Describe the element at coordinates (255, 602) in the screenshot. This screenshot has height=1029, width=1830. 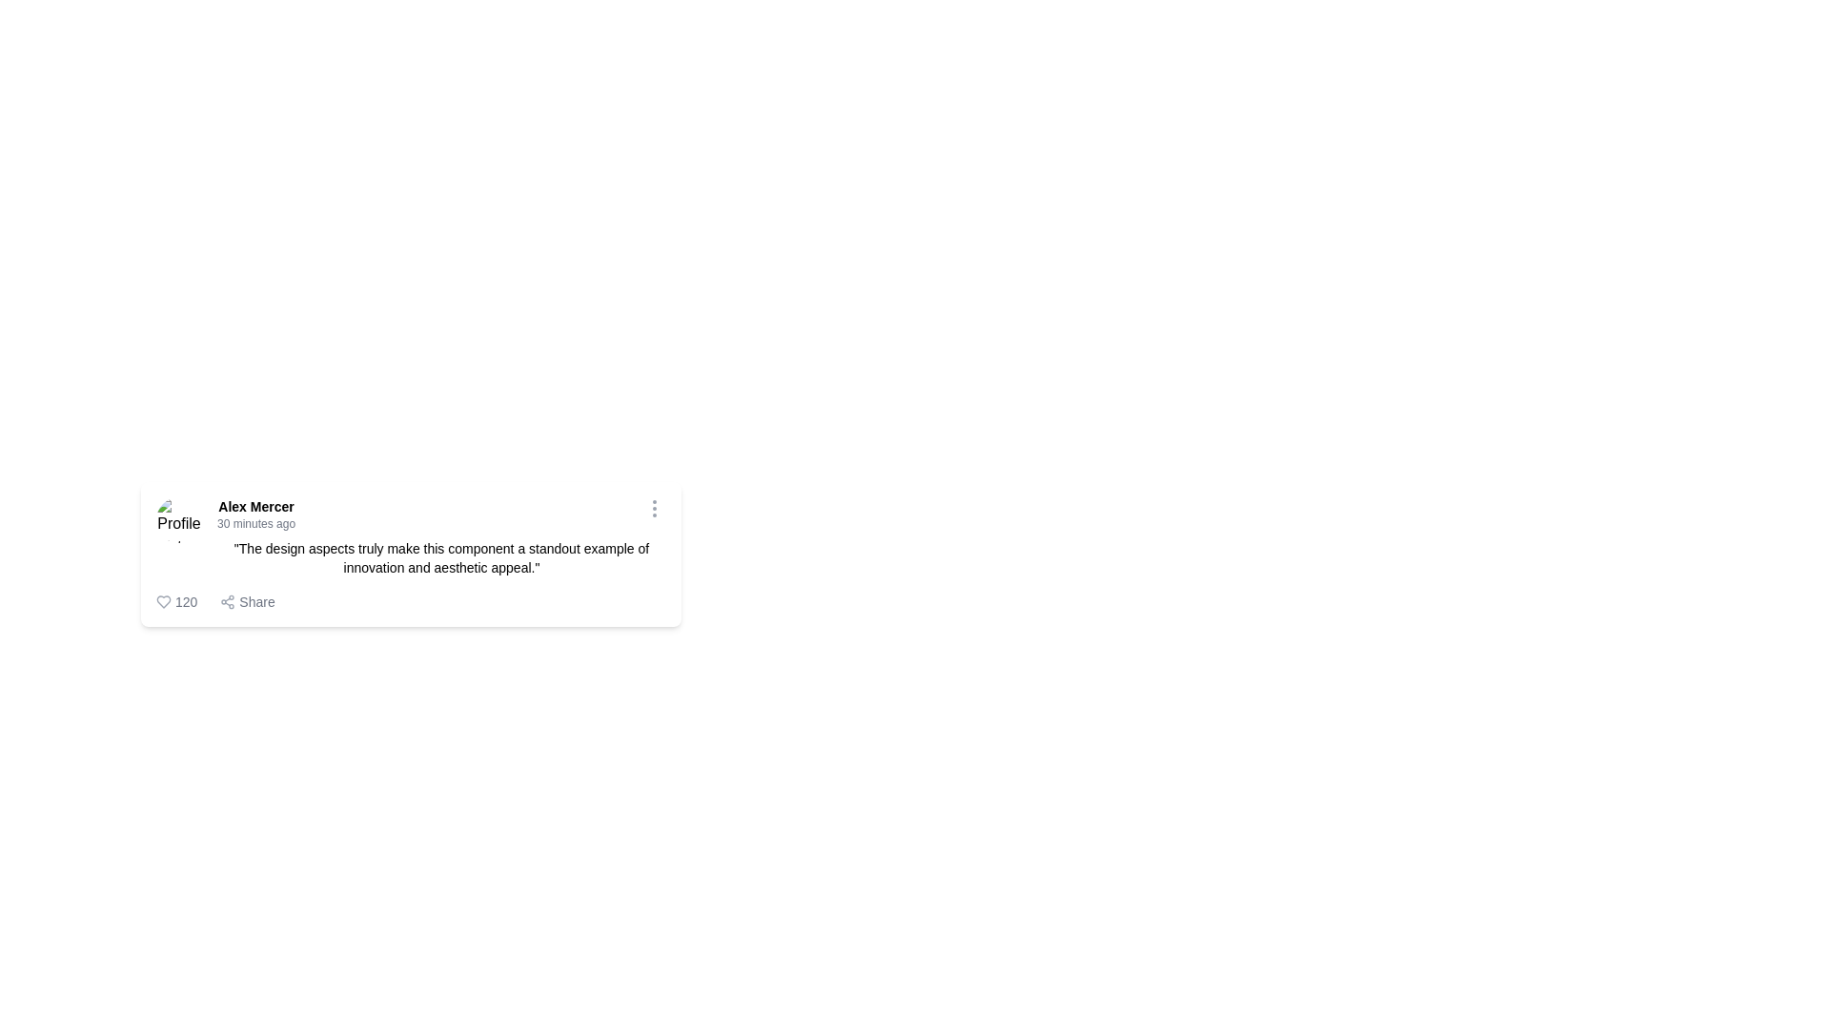
I see `the 'Share' text label, which is positioned immediately to the right of the share icon` at that location.